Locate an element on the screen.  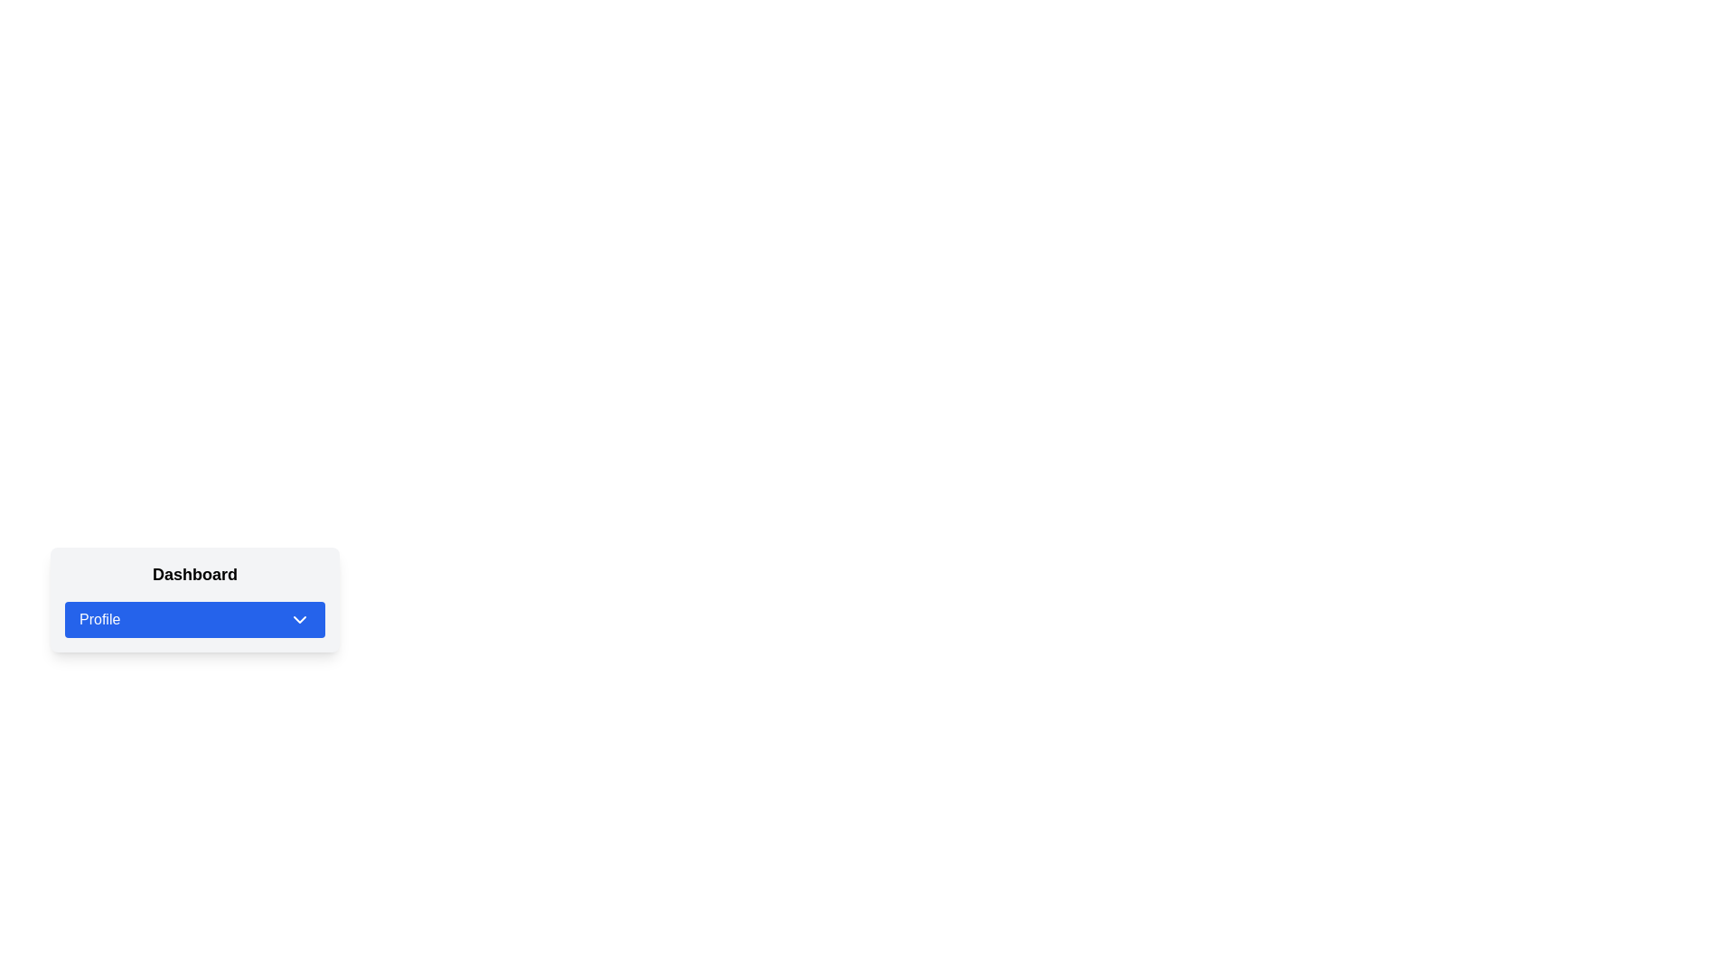
the 'Profile' text label element, which is displayed in white font on a blue background, located within a button-like structure under the 'Dashboard' heading is located at coordinates (98, 619).